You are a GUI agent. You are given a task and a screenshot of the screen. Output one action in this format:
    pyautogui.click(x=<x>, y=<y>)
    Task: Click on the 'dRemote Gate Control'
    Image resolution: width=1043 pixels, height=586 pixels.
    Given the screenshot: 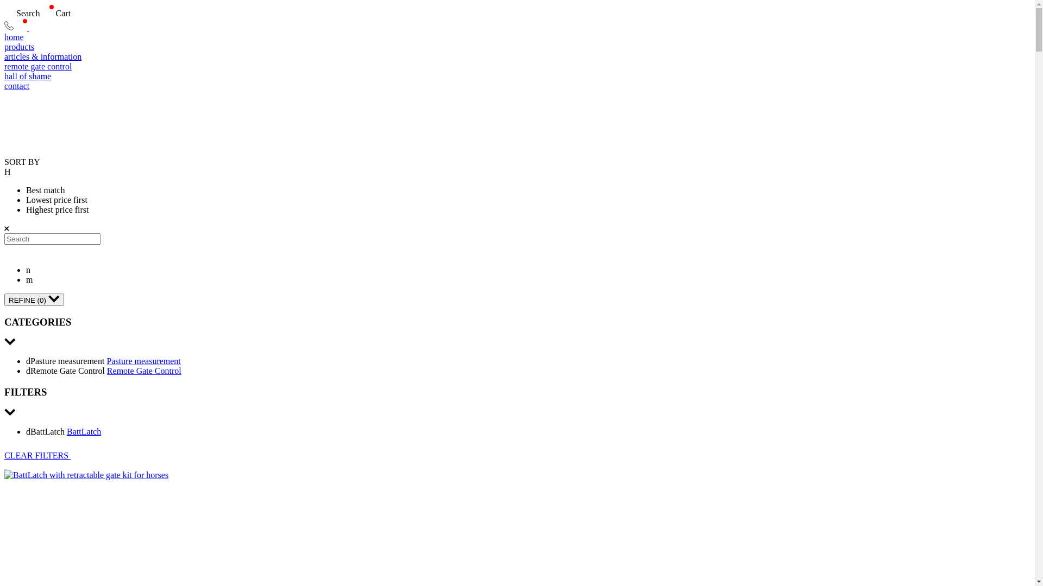 What is the action you would take?
    pyautogui.click(x=66, y=370)
    